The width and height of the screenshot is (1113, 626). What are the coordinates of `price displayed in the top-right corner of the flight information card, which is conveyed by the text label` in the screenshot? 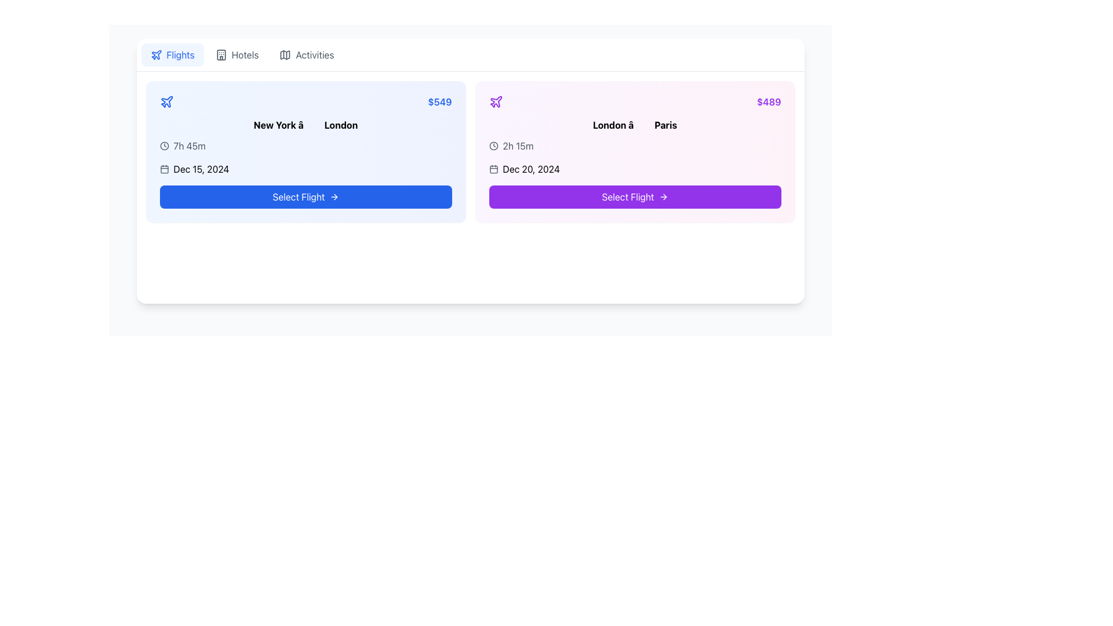 It's located at (439, 101).